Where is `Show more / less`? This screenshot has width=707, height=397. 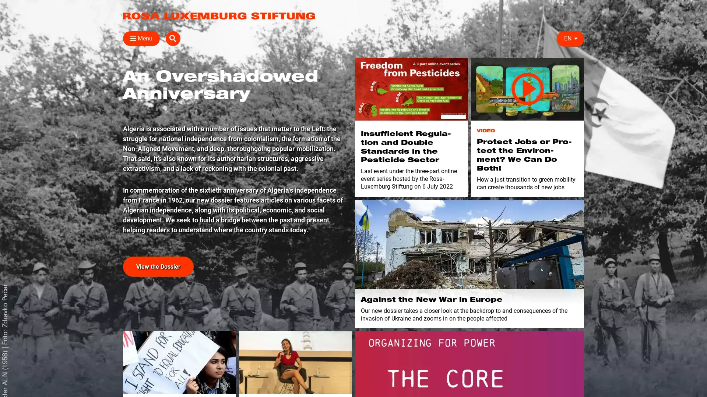 Show more / less is located at coordinates (235, 86).